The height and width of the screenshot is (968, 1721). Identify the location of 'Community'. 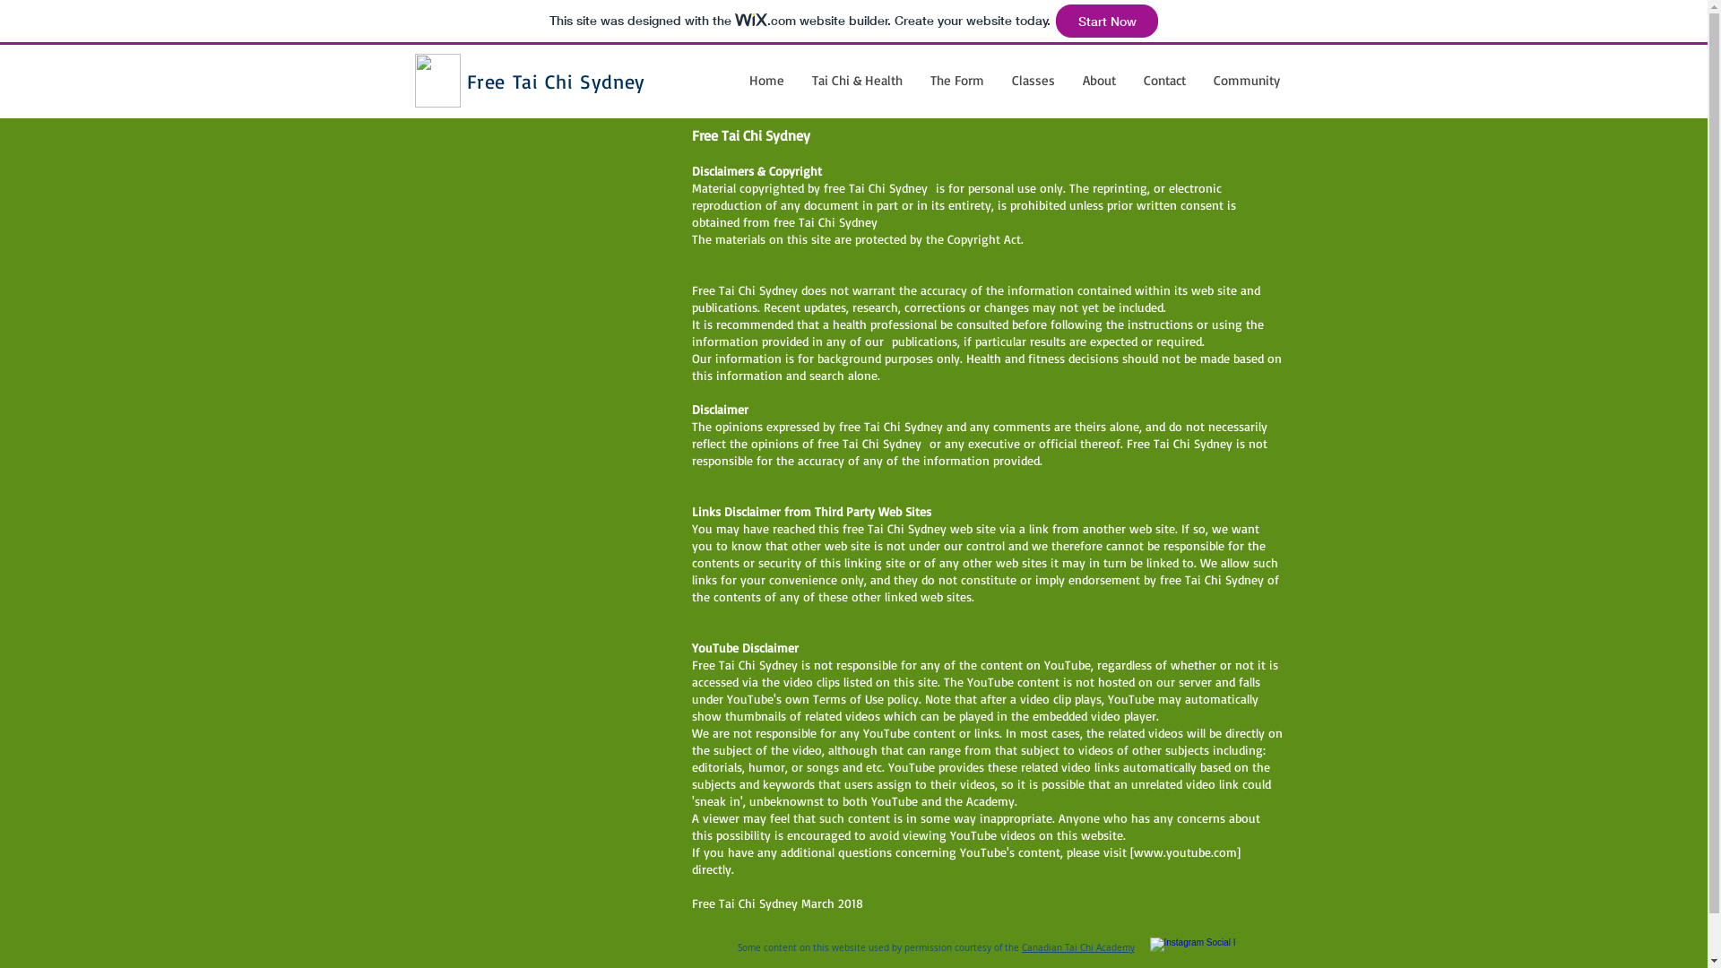
(1199, 79).